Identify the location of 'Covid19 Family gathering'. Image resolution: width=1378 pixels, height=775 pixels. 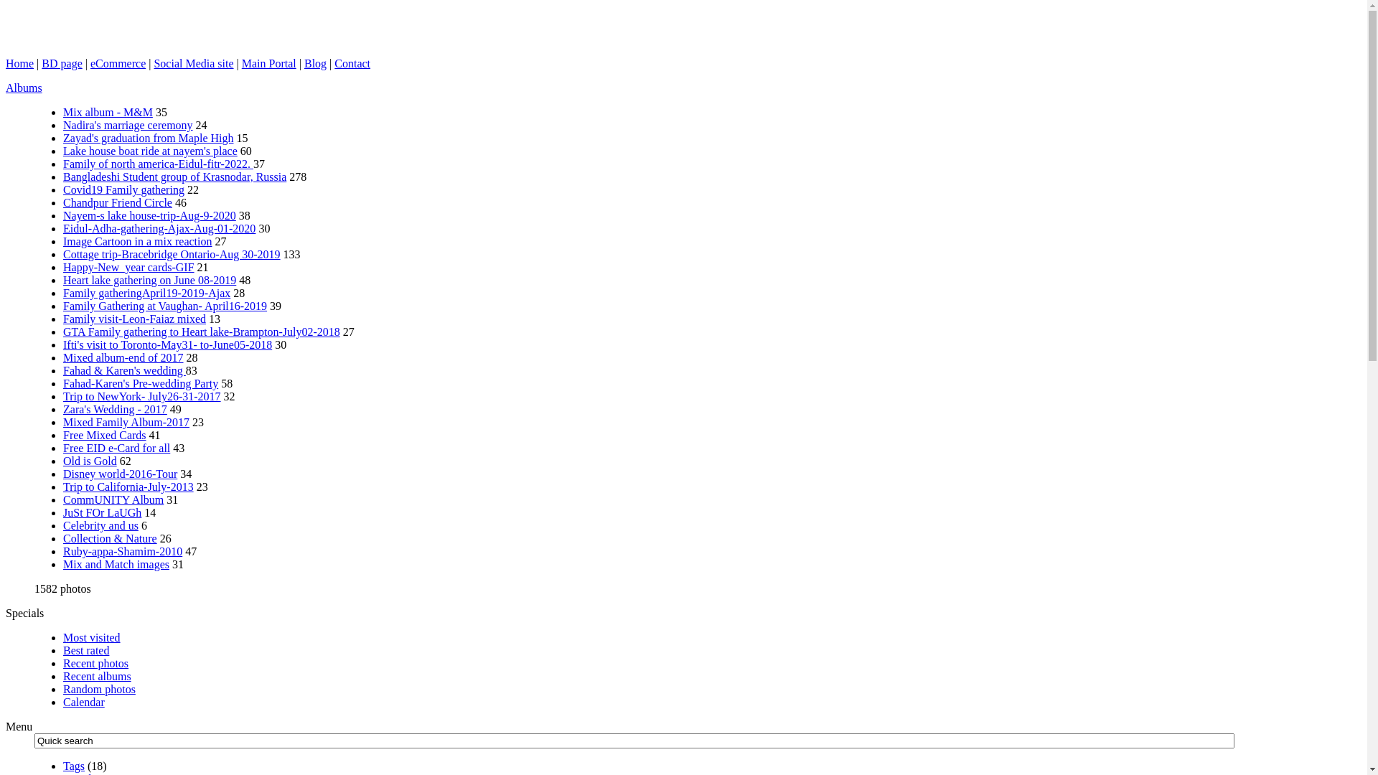
(123, 189).